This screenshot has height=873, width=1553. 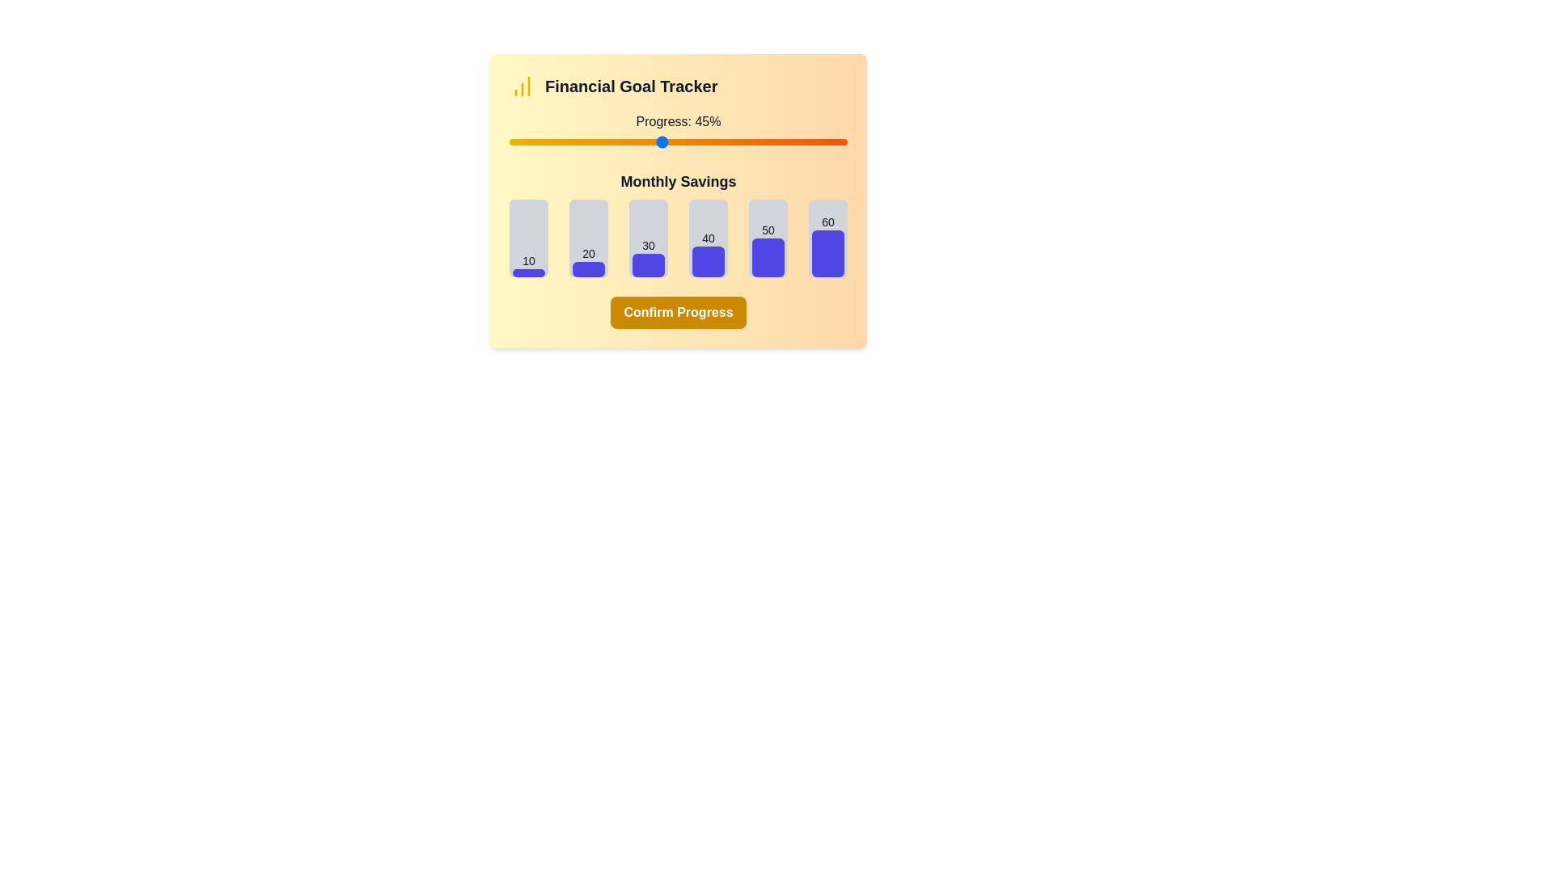 What do you see at coordinates (820, 141) in the screenshot?
I see `the progress slider to 92%` at bounding box center [820, 141].